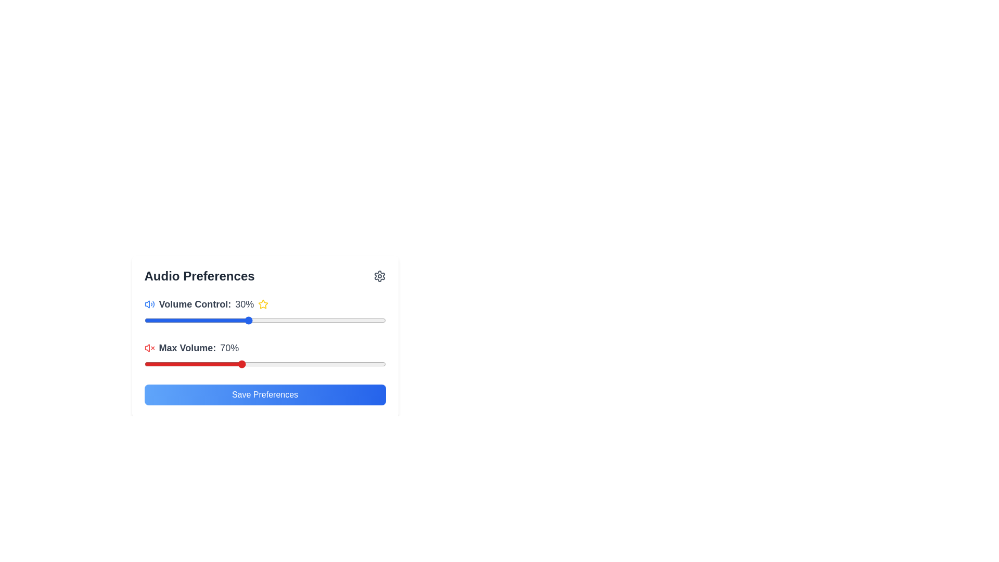 The image size is (999, 562). I want to click on the max volume, so click(193, 363).